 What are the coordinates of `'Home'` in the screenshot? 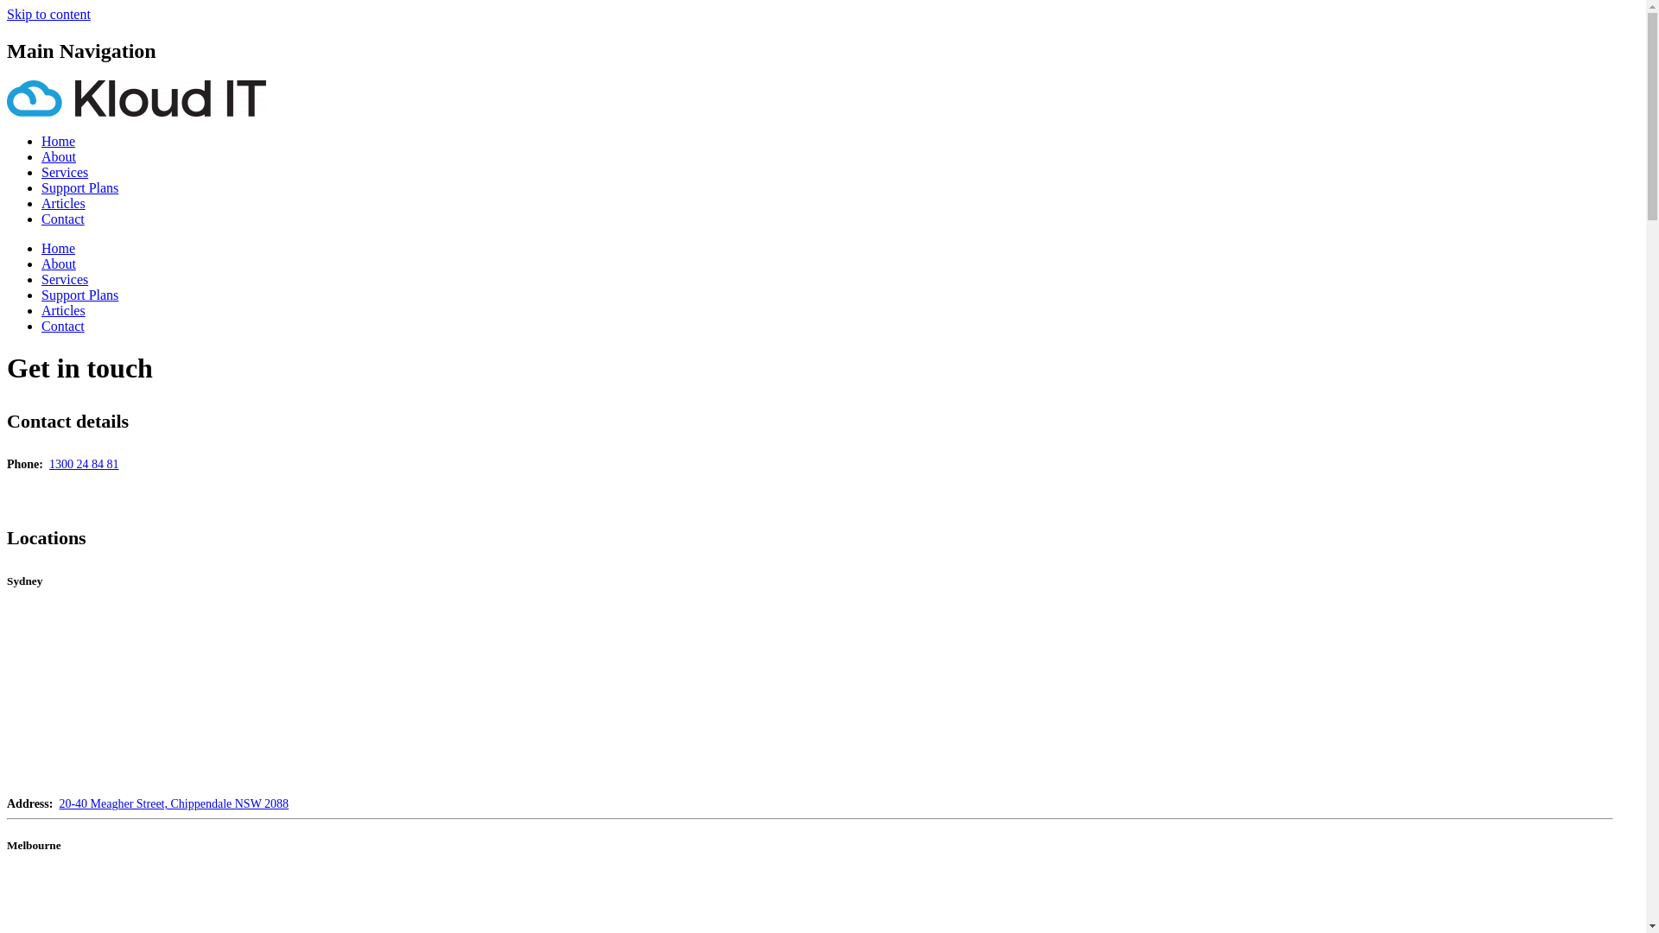 It's located at (58, 140).